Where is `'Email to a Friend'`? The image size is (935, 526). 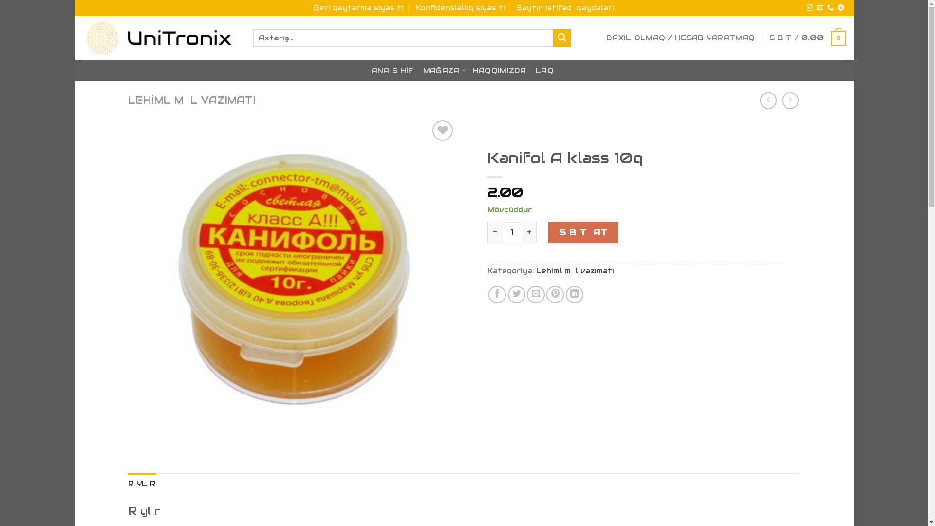 'Email to a Friend' is located at coordinates (535, 294).